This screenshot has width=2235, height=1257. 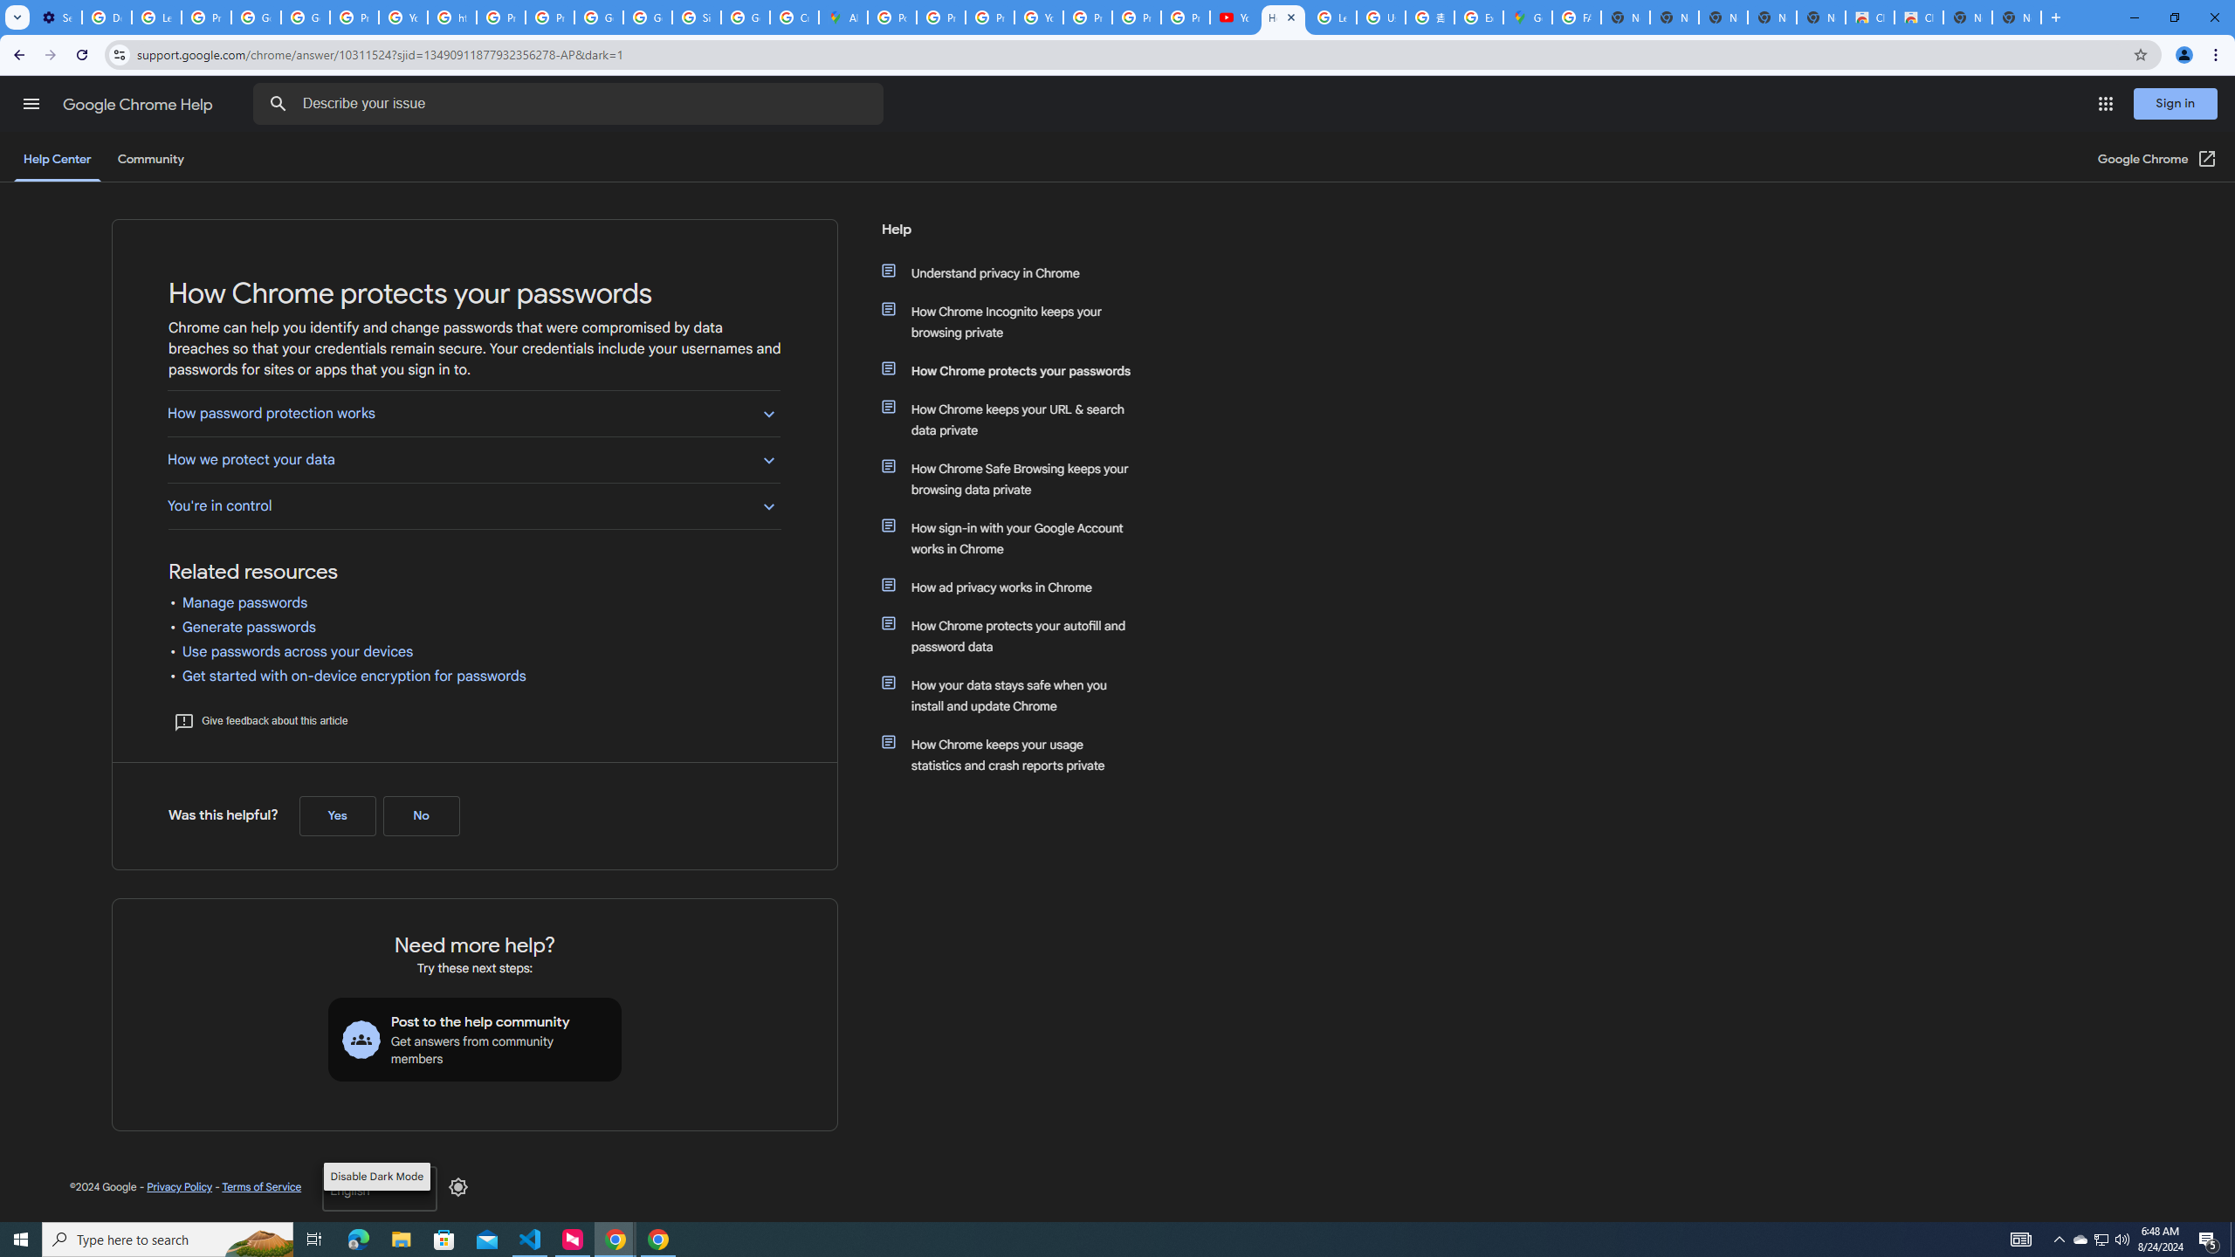 What do you see at coordinates (256, 17) in the screenshot?
I see `'Google Account Help'` at bounding box center [256, 17].